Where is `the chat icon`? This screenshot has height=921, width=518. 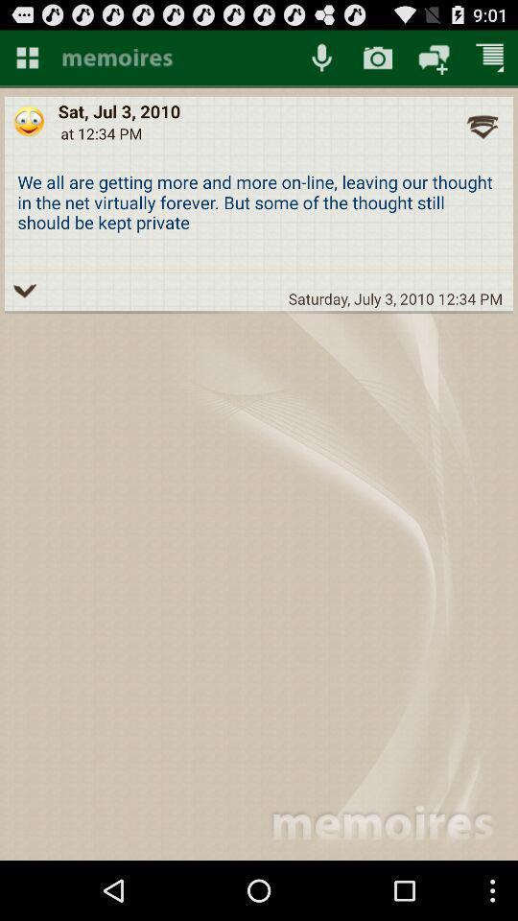
the chat icon is located at coordinates (434, 61).